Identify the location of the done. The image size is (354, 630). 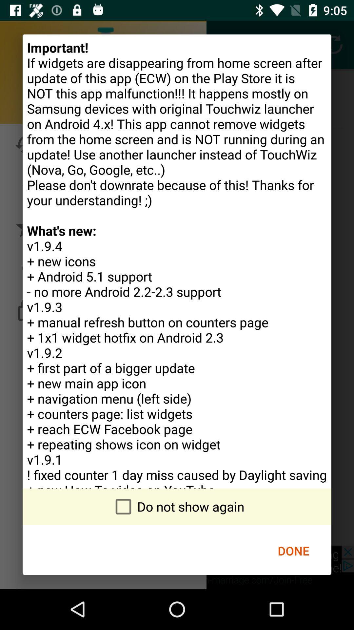
(293, 551).